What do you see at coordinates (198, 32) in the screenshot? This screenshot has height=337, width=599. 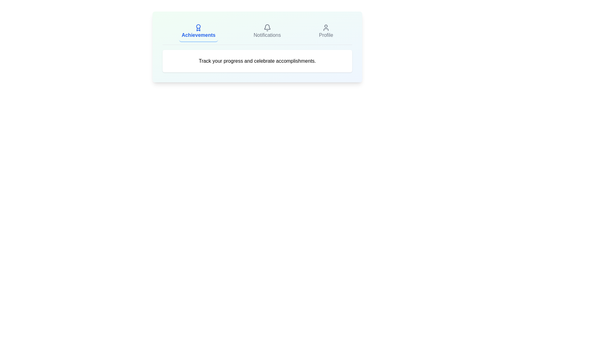 I see `the tab labeled Achievements to observe visual feedback` at bounding box center [198, 32].